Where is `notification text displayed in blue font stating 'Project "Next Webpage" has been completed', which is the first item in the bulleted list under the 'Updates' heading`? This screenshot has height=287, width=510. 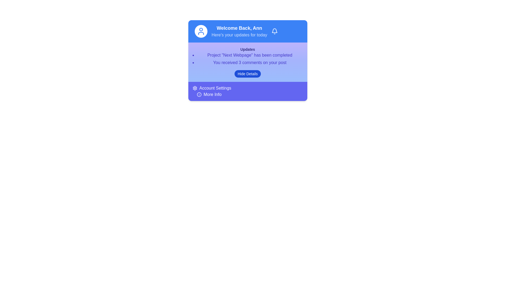 notification text displayed in blue font stating 'Project "Next Webpage" has been completed', which is the first item in the bulleted list under the 'Updates' heading is located at coordinates (249, 55).